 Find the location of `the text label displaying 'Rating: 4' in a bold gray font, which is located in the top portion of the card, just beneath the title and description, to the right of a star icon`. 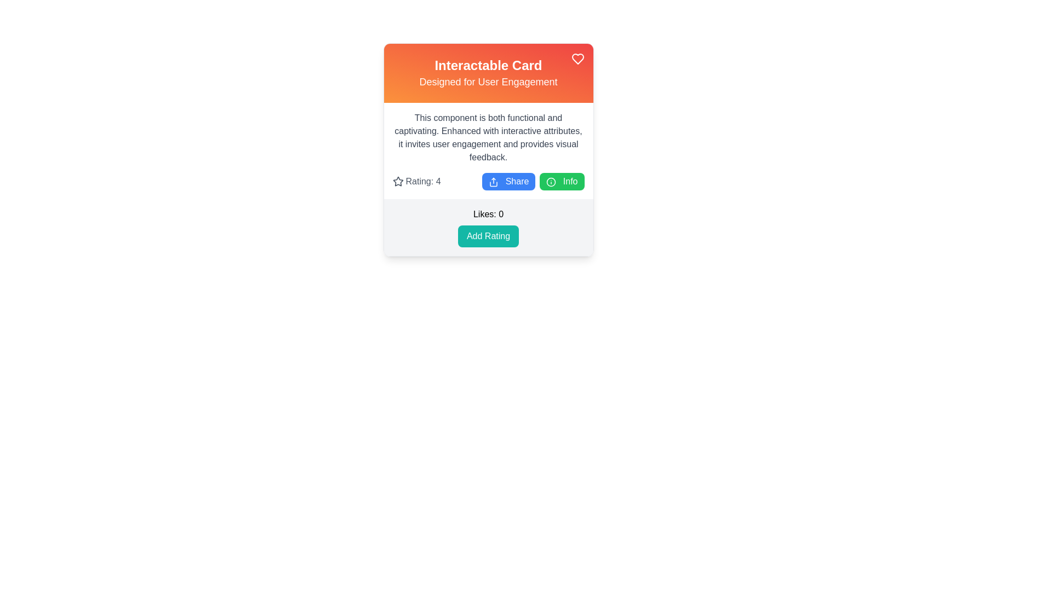

the text label displaying 'Rating: 4' in a bold gray font, which is located in the top portion of the card, just beneath the title and description, to the right of a star icon is located at coordinates (422, 181).